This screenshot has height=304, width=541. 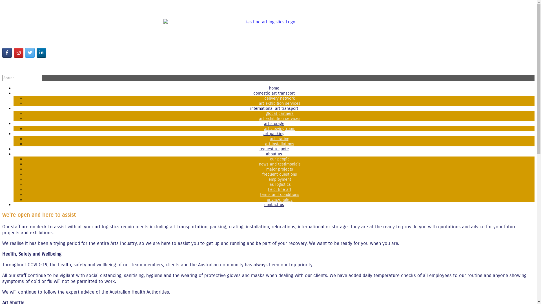 What do you see at coordinates (280, 169) in the screenshot?
I see `'major projects'` at bounding box center [280, 169].